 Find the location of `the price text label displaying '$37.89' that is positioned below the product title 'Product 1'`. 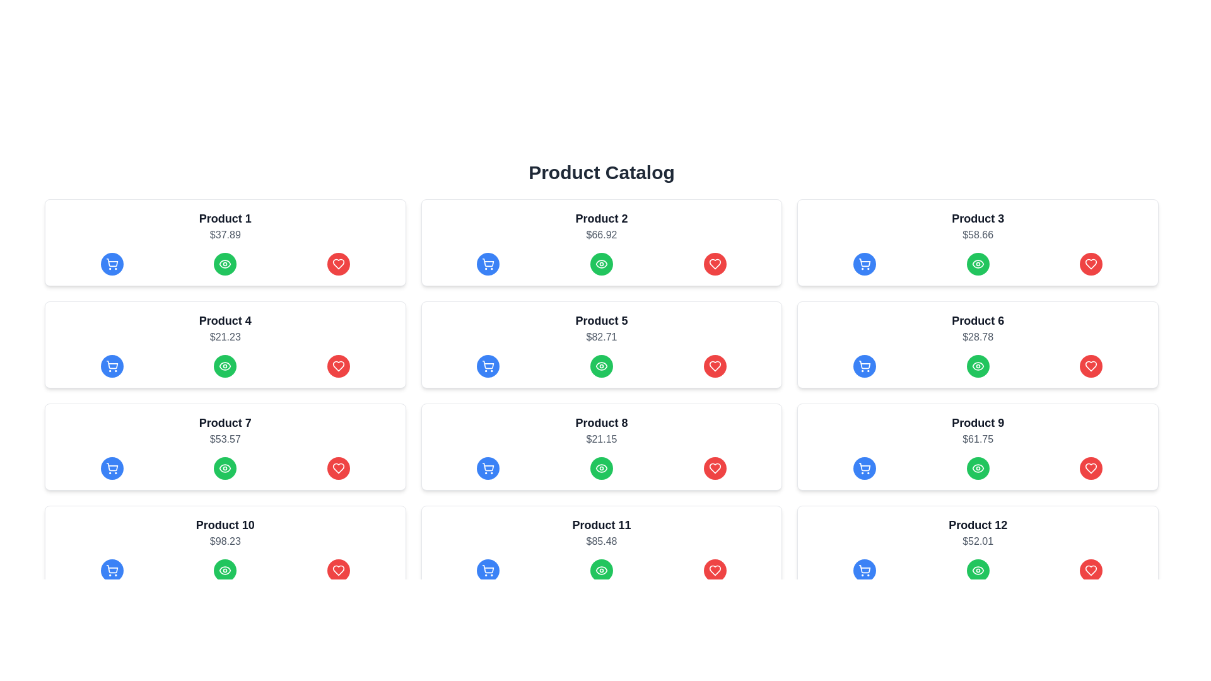

the price text label displaying '$37.89' that is positioned below the product title 'Product 1' is located at coordinates (225, 235).